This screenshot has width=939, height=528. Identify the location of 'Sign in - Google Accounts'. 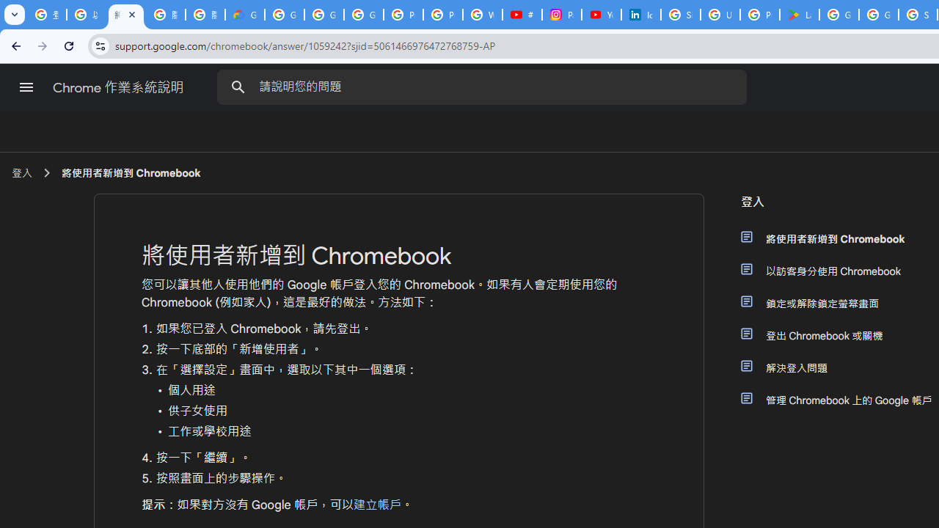
(680, 15).